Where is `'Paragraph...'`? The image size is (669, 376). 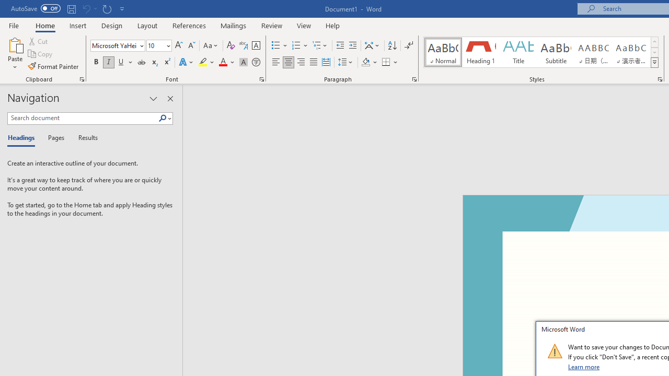 'Paragraph...' is located at coordinates (413, 78).